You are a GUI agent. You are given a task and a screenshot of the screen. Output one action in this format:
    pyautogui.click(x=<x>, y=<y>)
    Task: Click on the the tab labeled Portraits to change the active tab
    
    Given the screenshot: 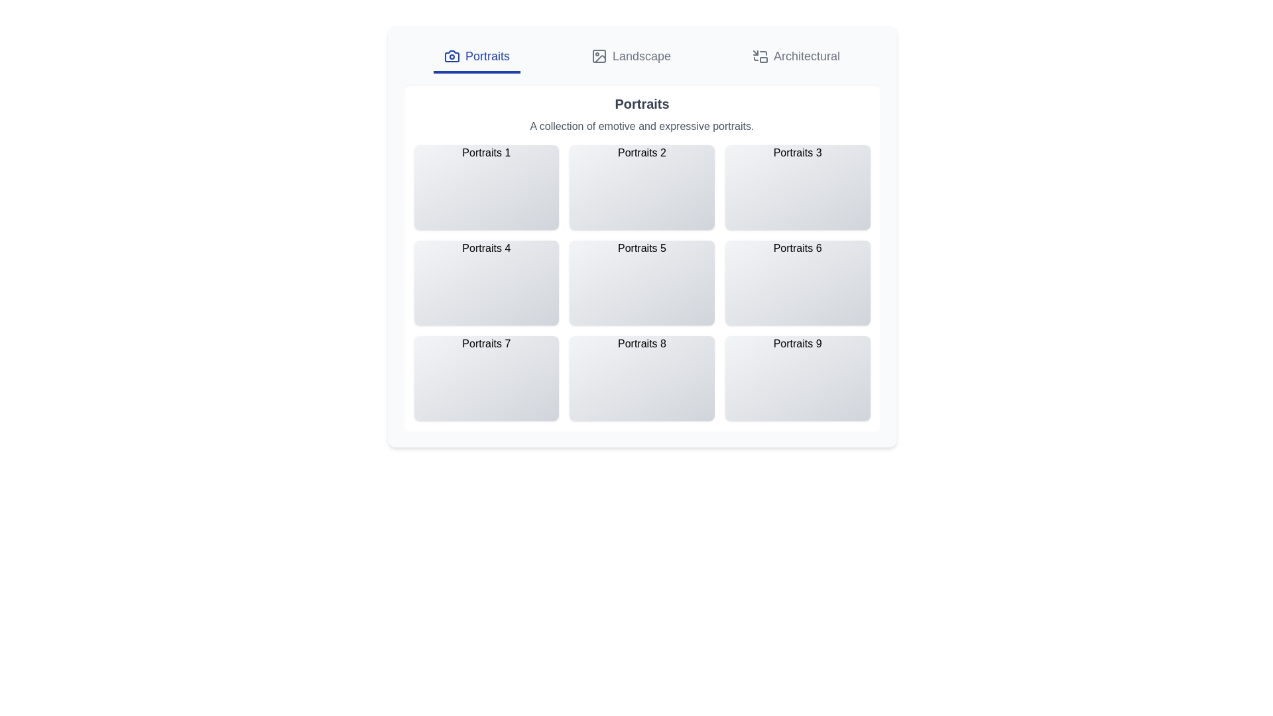 What is the action you would take?
    pyautogui.click(x=477, y=57)
    